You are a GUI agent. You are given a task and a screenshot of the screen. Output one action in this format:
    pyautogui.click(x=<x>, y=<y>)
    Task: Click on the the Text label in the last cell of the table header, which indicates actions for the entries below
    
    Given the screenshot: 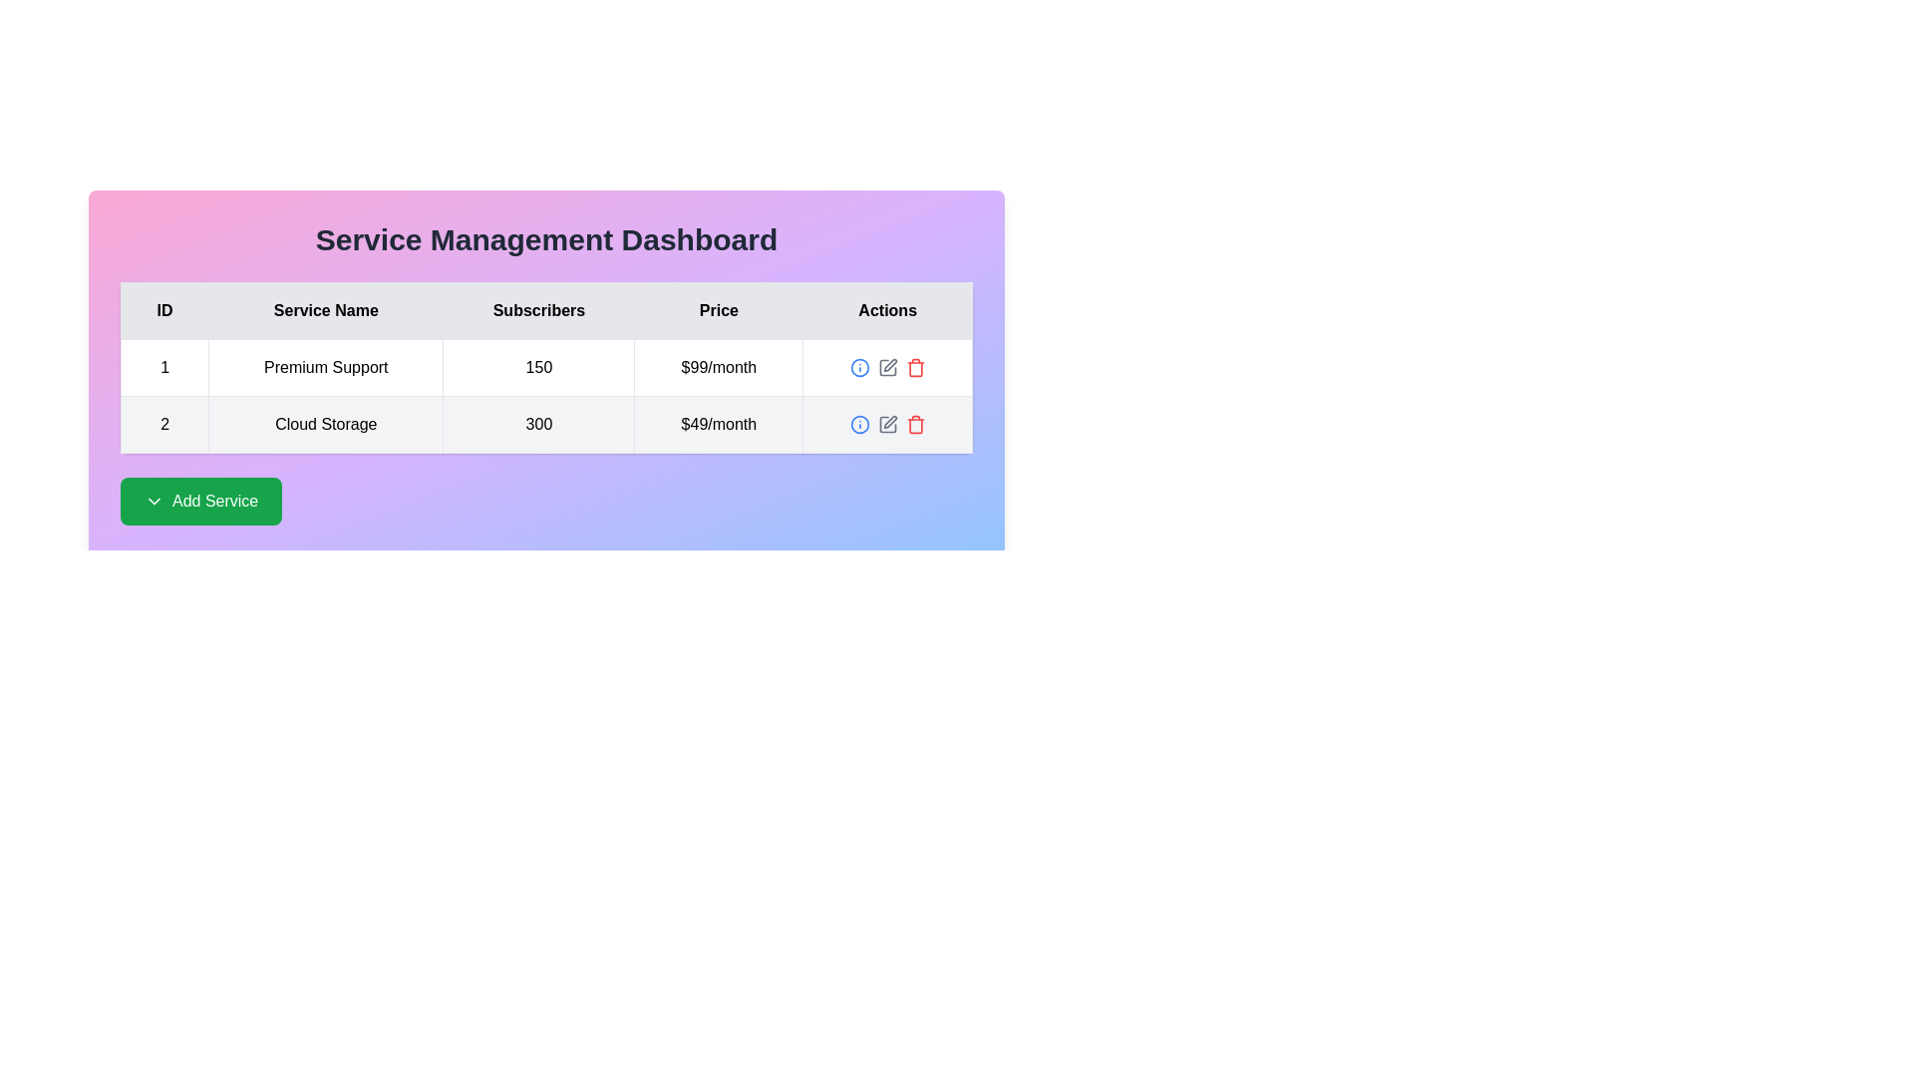 What is the action you would take?
    pyautogui.click(x=886, y=311)
    